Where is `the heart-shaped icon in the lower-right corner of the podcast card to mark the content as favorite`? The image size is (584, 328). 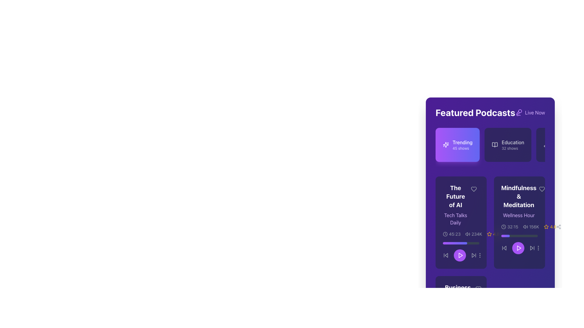 the heart-shaped icon in the lower-right corner of the podcast card to mark the content as favorite is located at coordinates (478, 289).